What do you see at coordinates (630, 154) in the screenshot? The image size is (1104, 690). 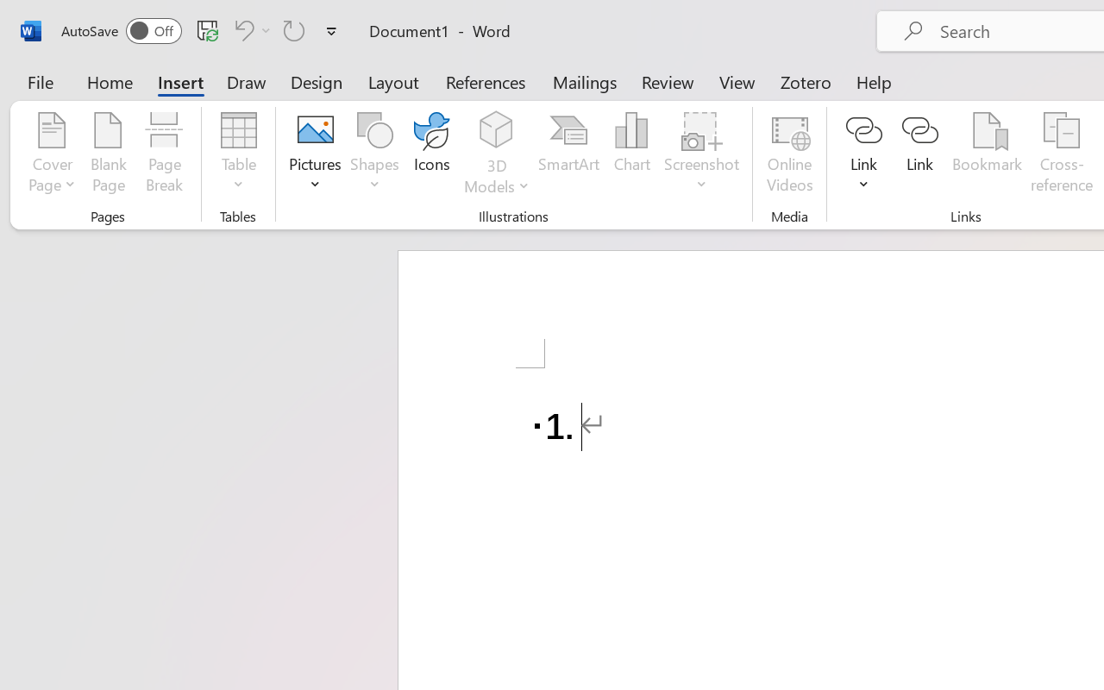 I see `'Chart...'` at bounding box center [630, 154].